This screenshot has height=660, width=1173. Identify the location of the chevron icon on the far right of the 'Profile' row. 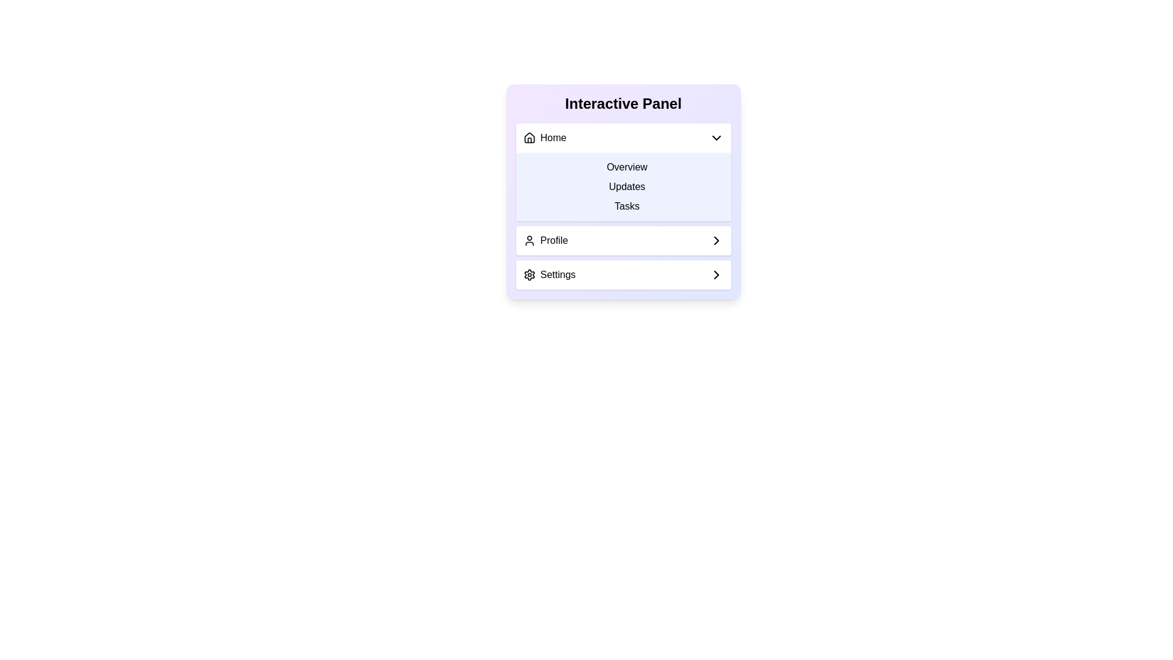
(716, 240).